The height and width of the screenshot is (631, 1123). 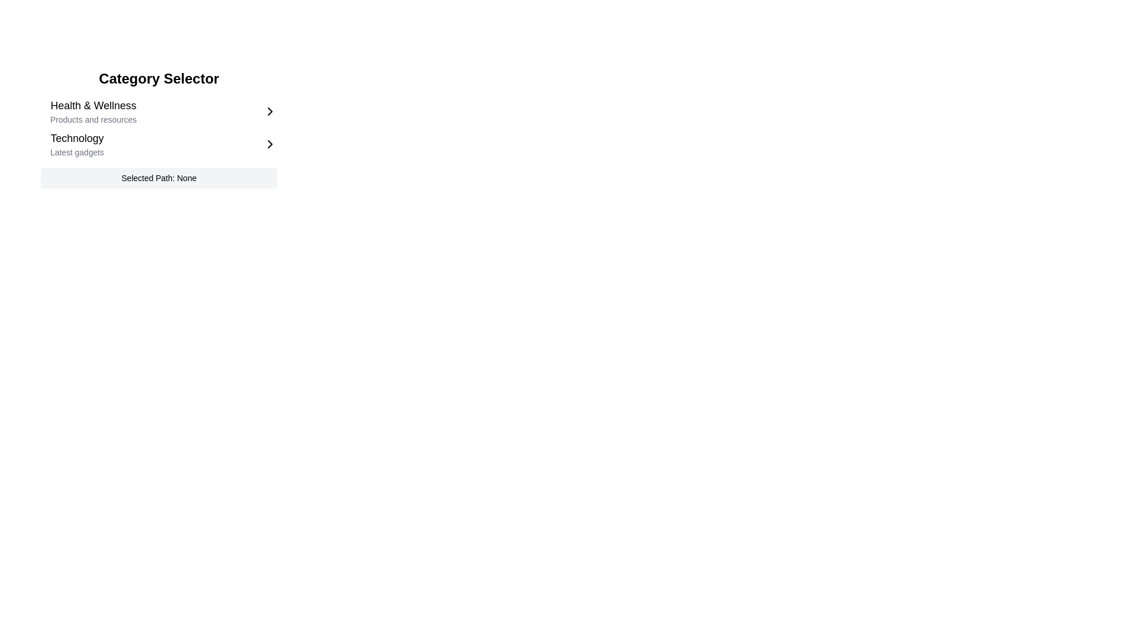 I want to click on the second selectable list item under the 'Health & Wellness' section, so click(x=159, y=143).